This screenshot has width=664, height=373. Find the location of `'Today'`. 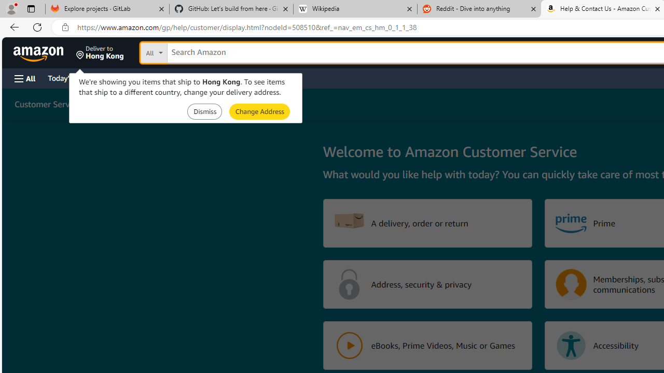

'Today' is located at coordinates (69, 77).